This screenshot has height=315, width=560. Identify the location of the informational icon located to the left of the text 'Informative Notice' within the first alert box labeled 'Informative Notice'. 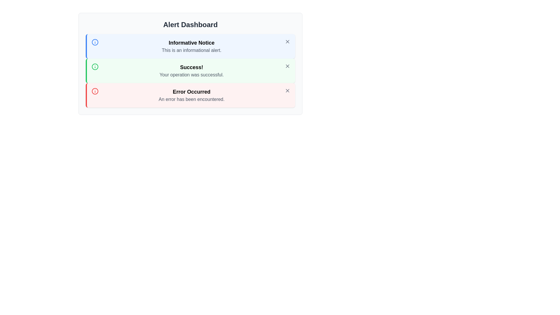
(95, 42).